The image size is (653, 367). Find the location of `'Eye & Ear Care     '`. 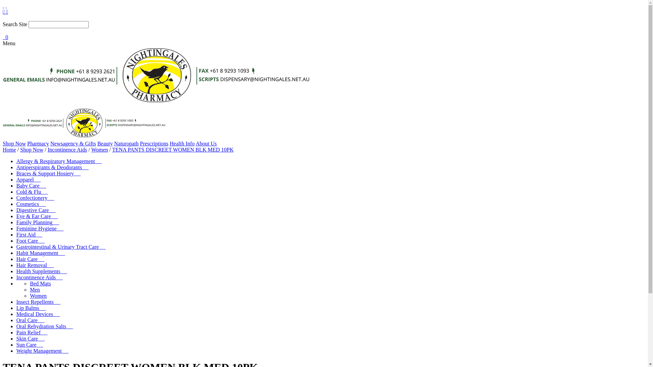

'Eye & Ear Care     ' is located at coordinates (37, 216).